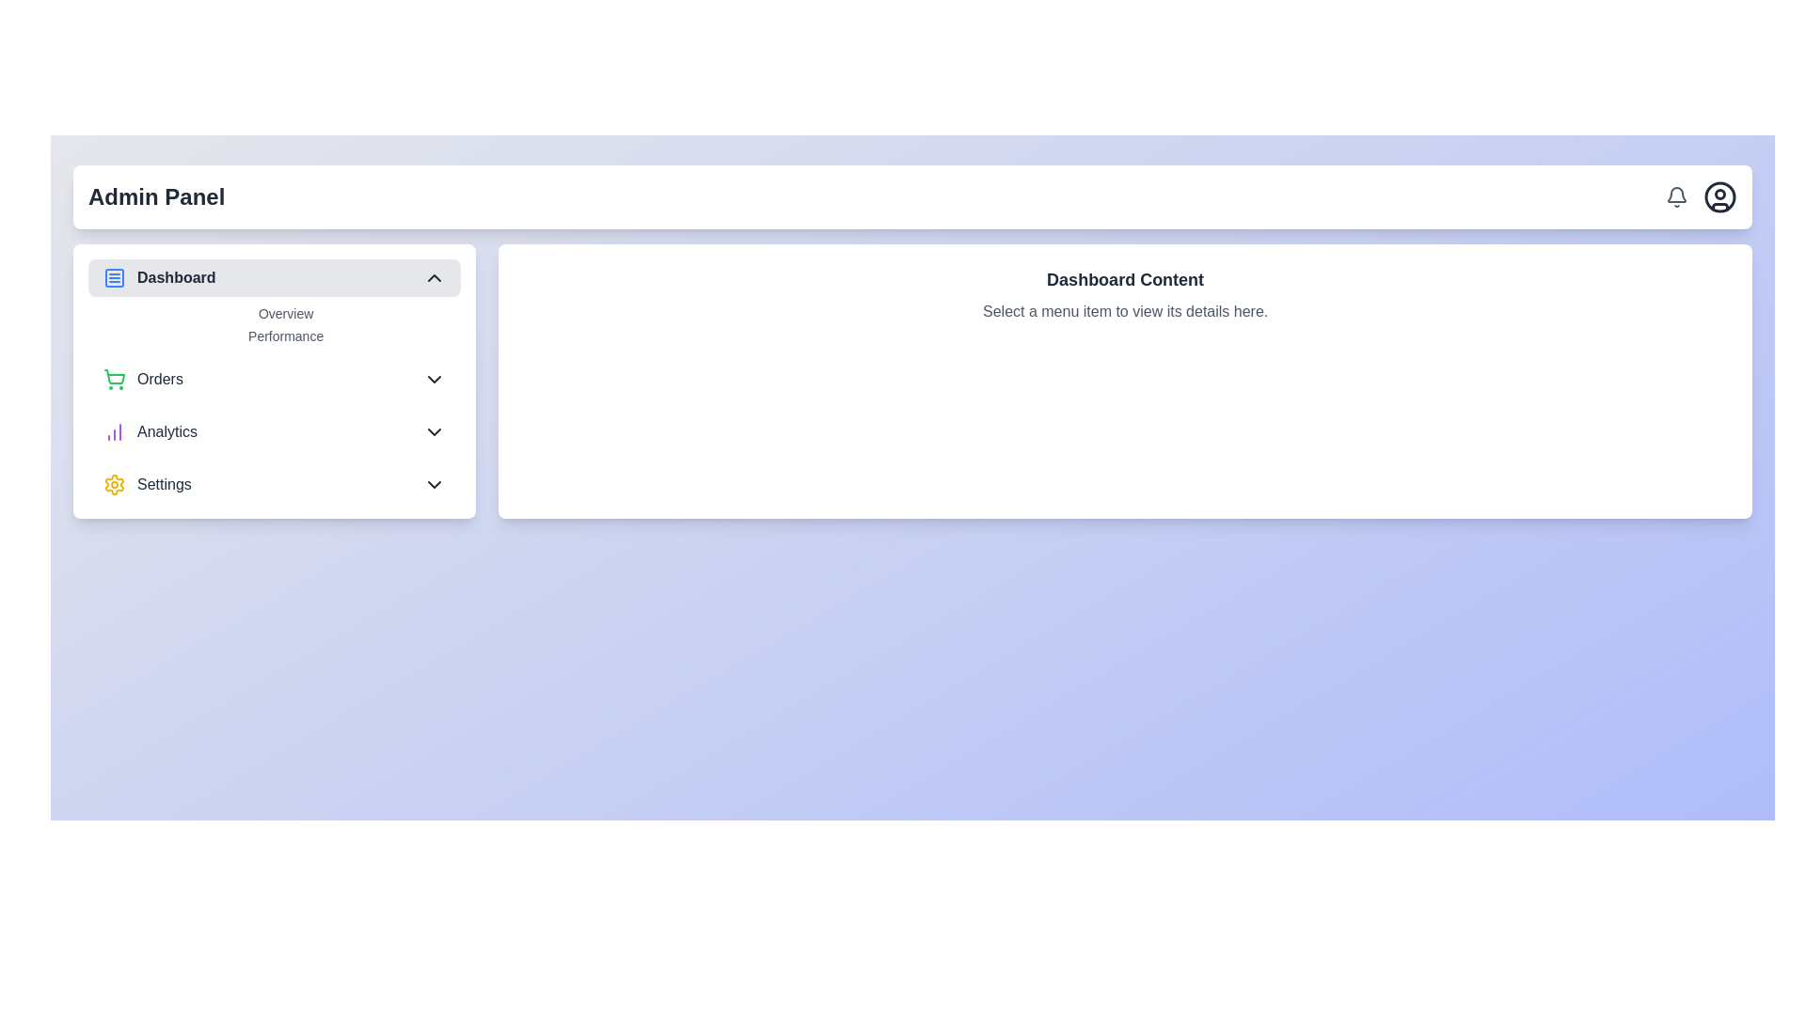 This screenshot has width=1806, height=1015. I want to click on the purple icon consisting of three vertical bars, located in the left sidebar next to the 'Analytics' label, so click(113, 431).